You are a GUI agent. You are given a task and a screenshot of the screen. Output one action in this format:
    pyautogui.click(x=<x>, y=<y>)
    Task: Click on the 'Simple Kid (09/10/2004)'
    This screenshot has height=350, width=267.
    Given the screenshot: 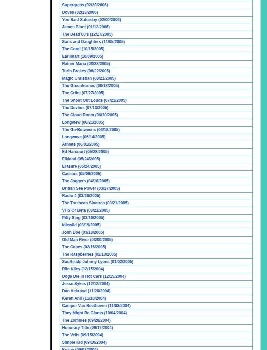 What is the action you would take?
    pyautogui.click(x=84, y=342)
    